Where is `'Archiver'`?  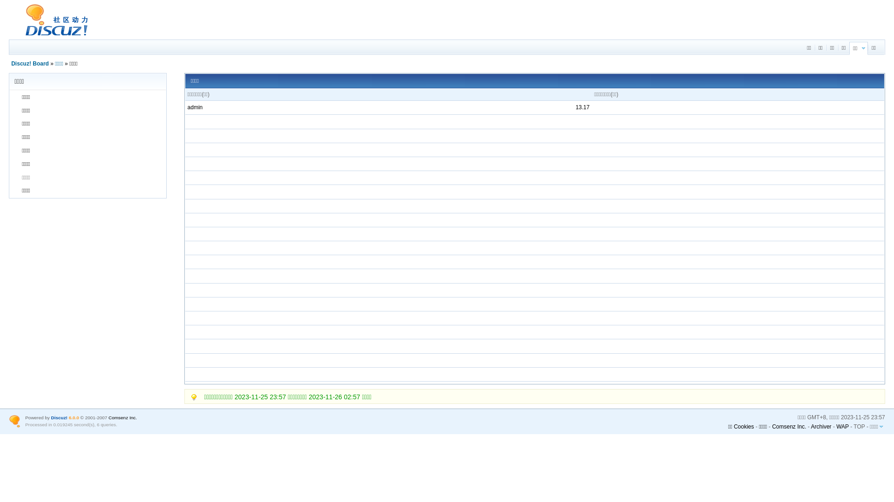 'Archiver' is located at coordinates (821, 426).